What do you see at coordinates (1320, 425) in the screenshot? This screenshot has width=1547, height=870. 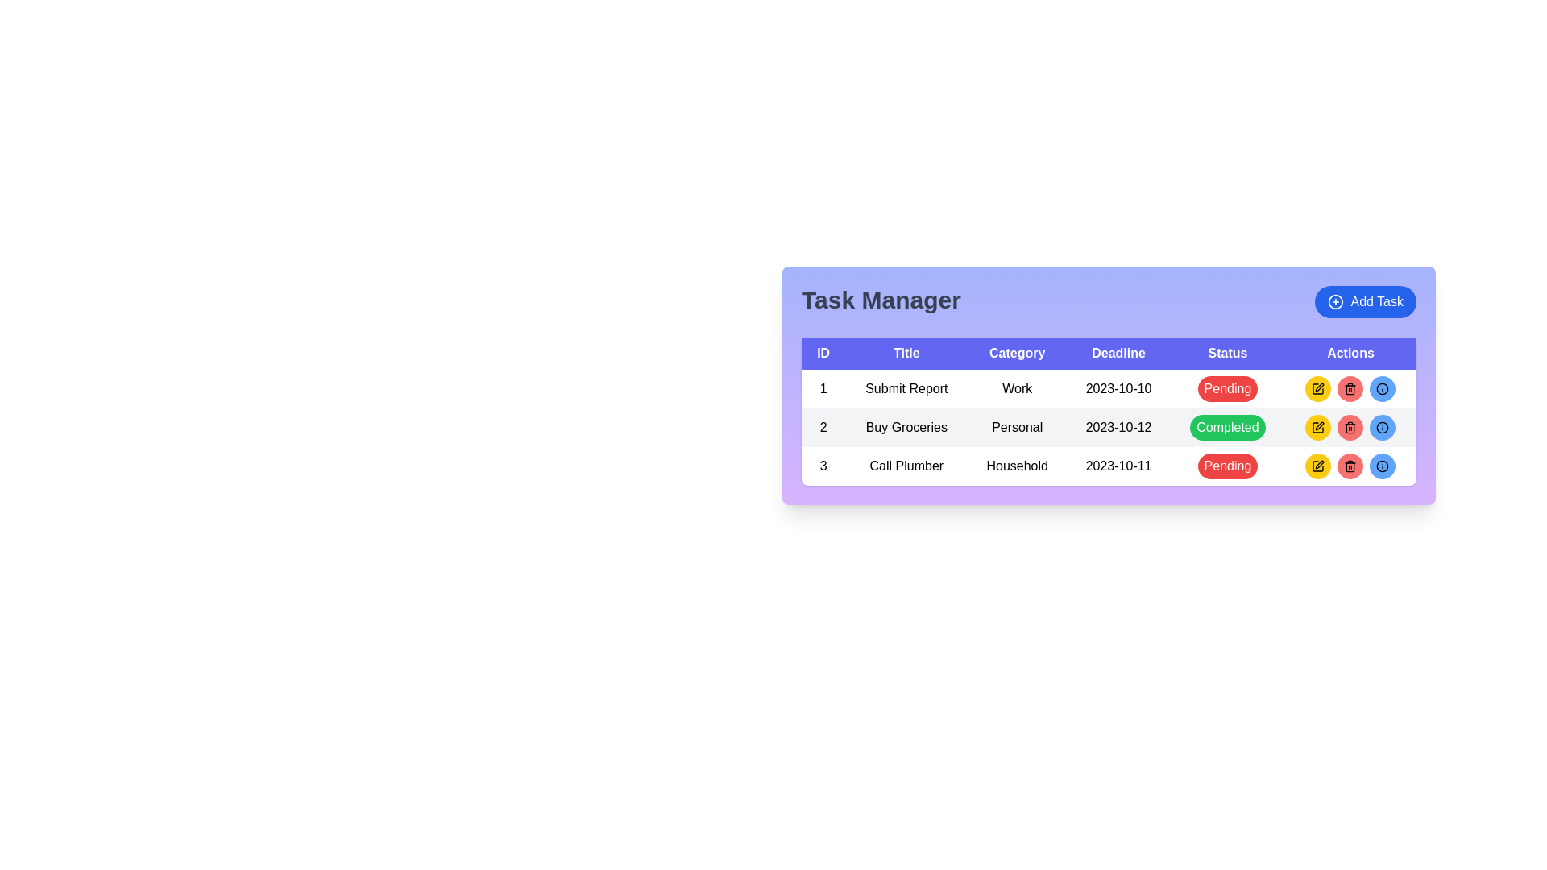 I see `the 'edit' icon located in the 'Actions' column of the third row in the table` at bounding box center [1320, 425].